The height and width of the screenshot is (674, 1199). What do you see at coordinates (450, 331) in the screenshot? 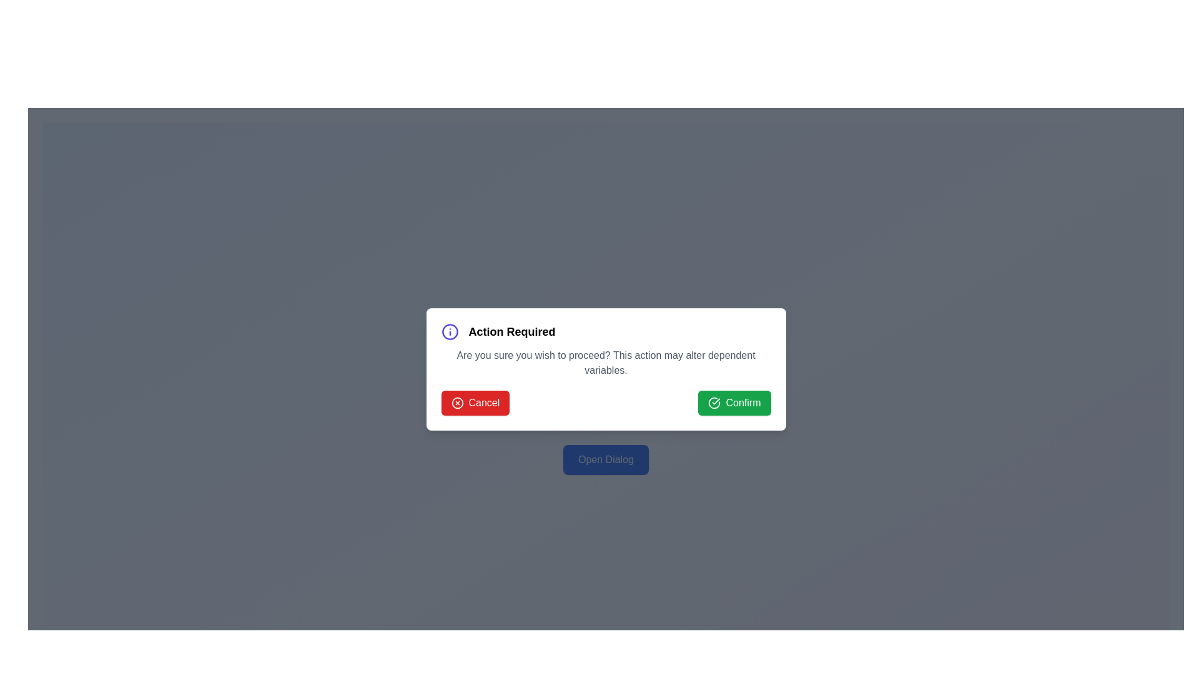
I see `the circular indigo icon with an 'i' symbol that is positioned to the left of the 'Action Required' header text in the modal dialog` at bounding box center [450, 331].